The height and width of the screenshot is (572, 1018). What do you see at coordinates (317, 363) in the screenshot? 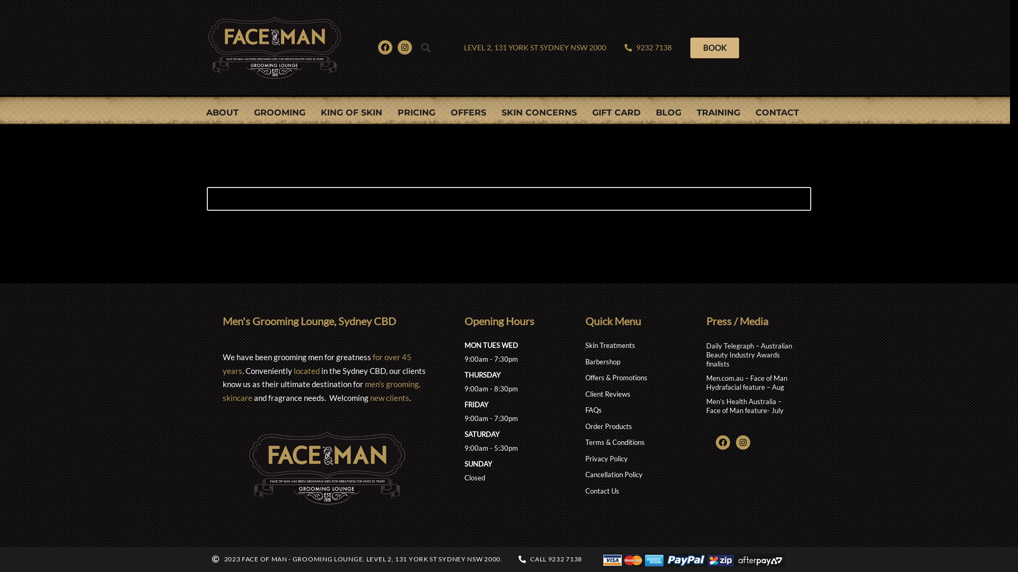
I see `'for over 45 years'` at bounding box center [317, 363].